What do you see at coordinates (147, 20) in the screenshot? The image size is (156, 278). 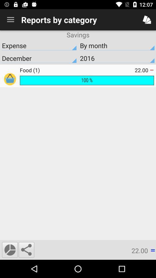 I see `item to the right of the reports by category icon` at bounding box center [147, 20].